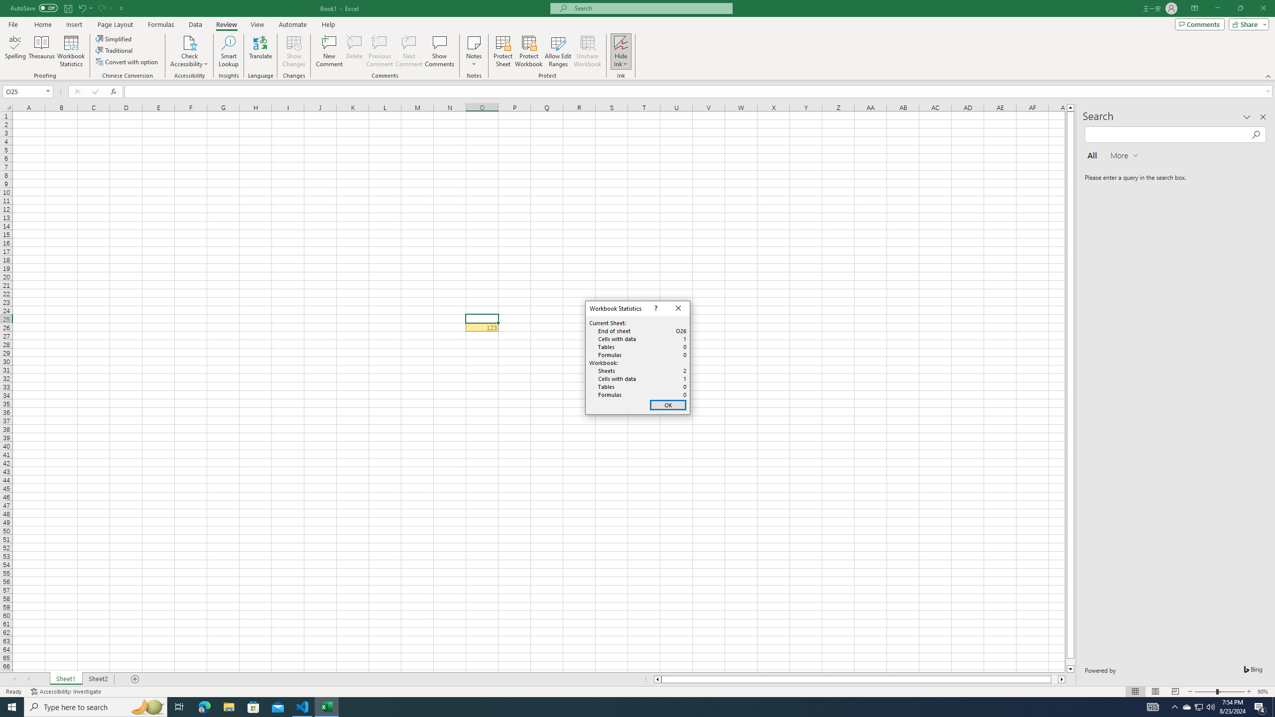 The height and width of the screenshot is (717, 1275). Describe the element at coordinates (73, 24) in the screenshot. I see `'Insert'` at that location.